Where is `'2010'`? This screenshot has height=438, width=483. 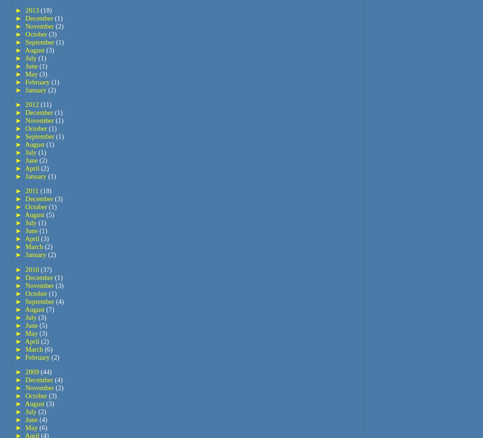
'2010' is located at coordinates (32, 269).